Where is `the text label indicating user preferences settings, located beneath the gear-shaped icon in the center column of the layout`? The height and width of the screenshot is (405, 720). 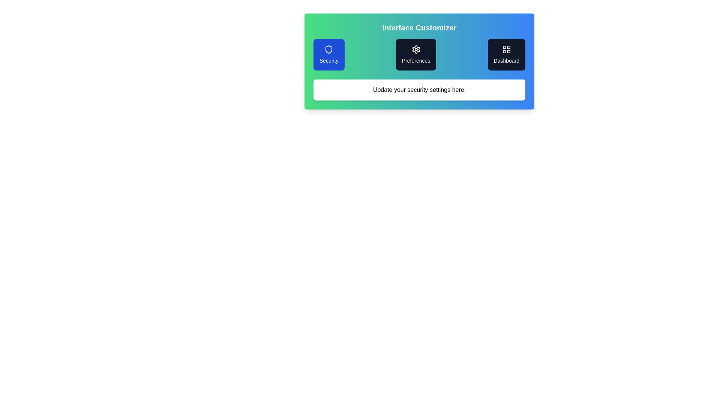 the text label indicating user preferences settings, located beneath the gear-shaped icon in the center column of the layout is located at coordinates (415, 60).